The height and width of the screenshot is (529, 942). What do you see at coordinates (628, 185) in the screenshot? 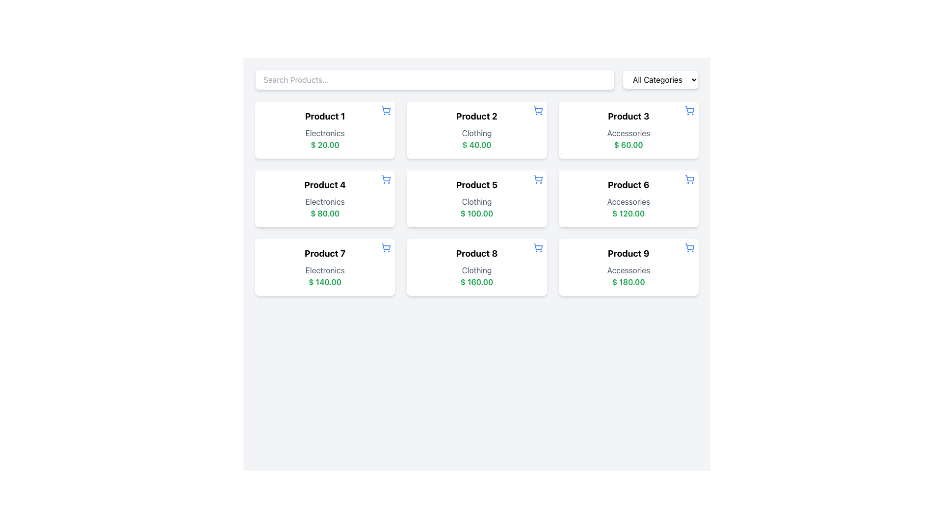
I see `the bold text label displaying 'Product 6' at the top of the product details card in the second row and second column of the grid layout` at bounding box center [628, 185].